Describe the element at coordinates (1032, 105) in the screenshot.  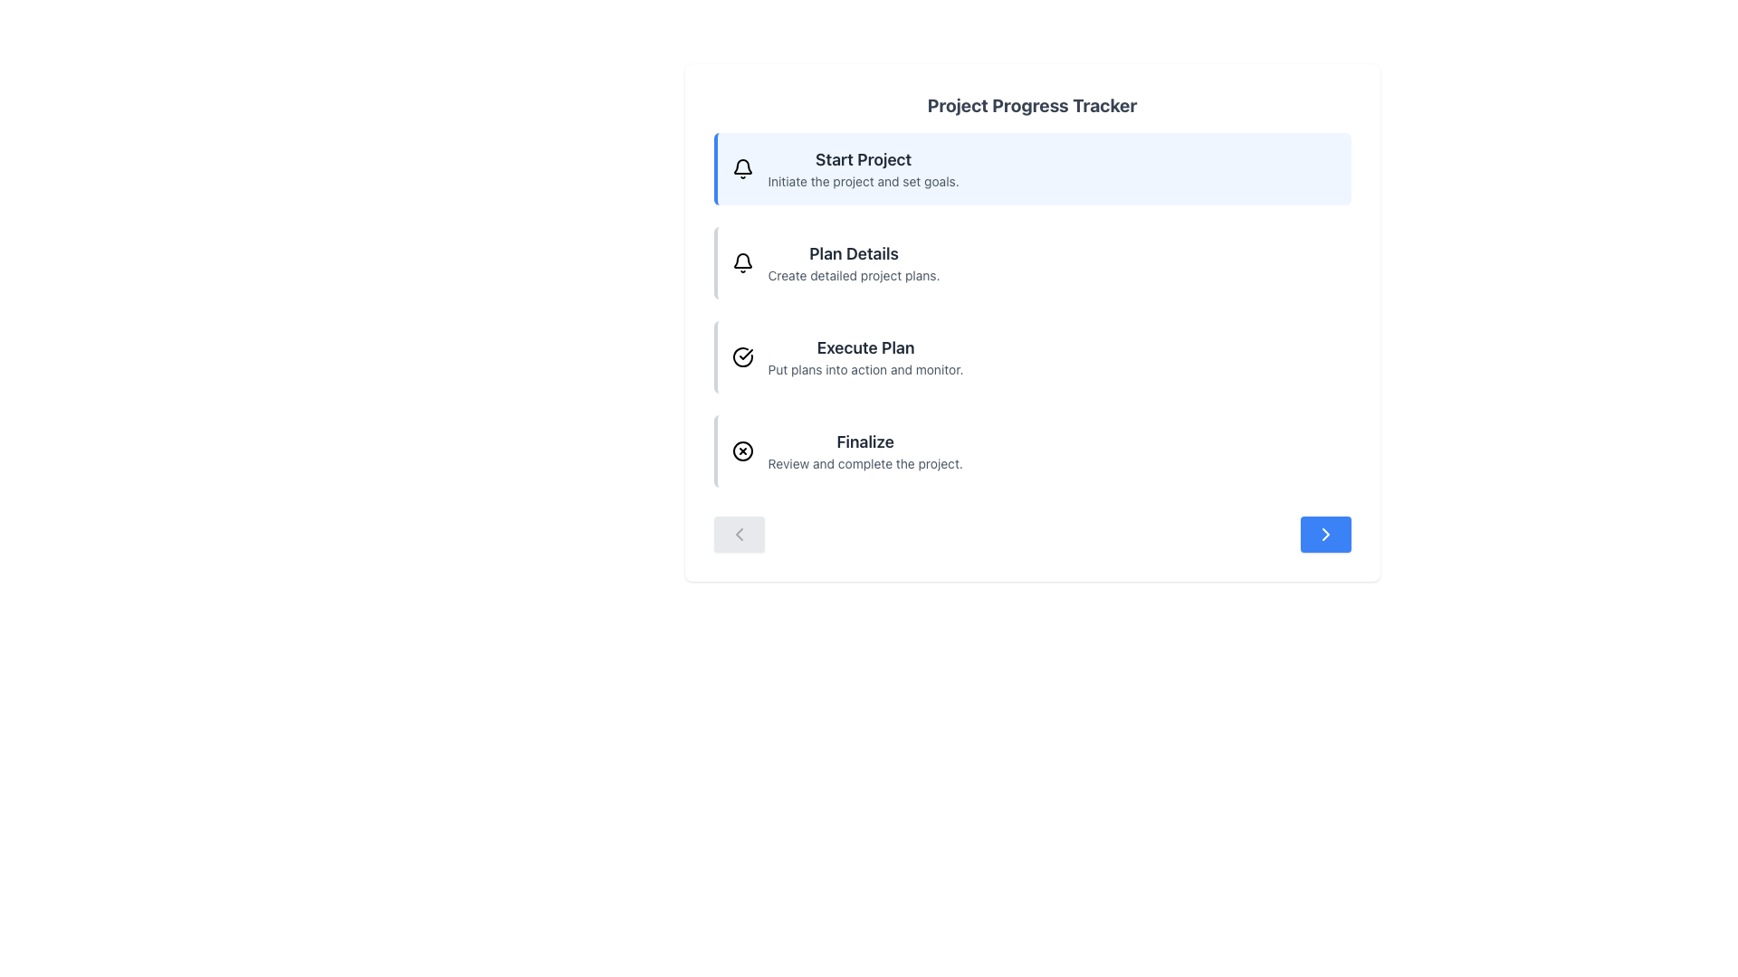
I see `the main heading text element at the top of the card interface, which describes the content or purpose of the card` at that location.